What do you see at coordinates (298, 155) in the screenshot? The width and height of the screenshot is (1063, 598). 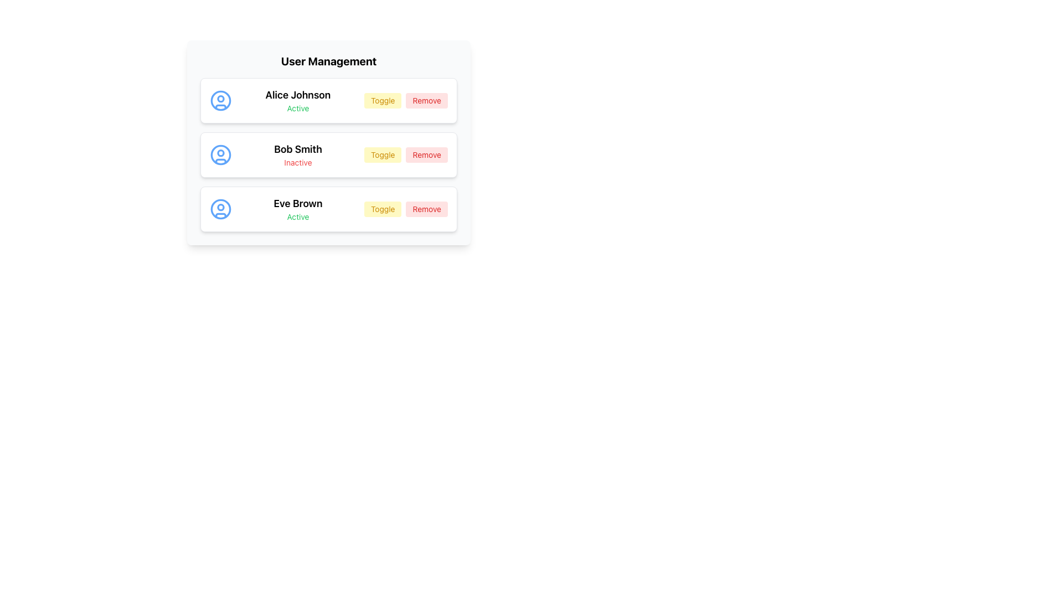 I see `the static text component displaying user-related details, which is the second item in a vertical list of user entries, positioned between a user icon and two buttons labeled 'Toggle' and 'Remove'` at bounding box center [298, 155].